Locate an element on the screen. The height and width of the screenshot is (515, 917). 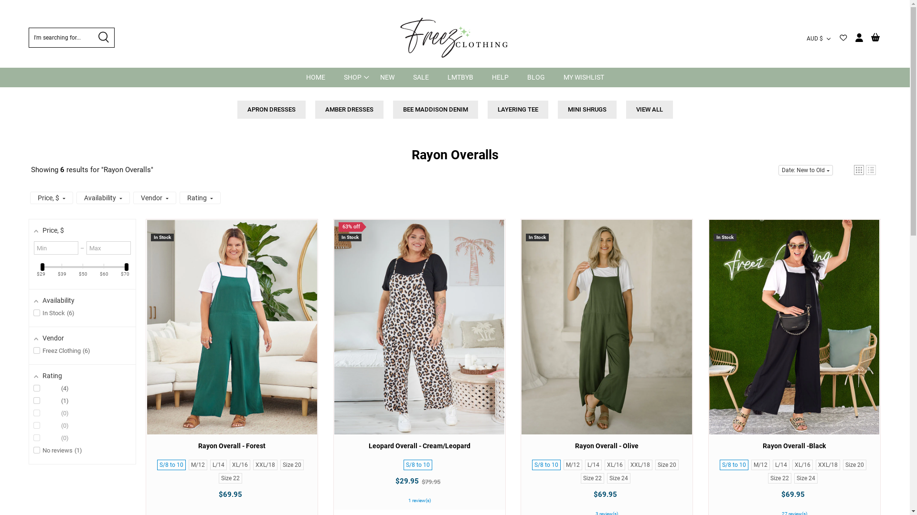
'SHOP' is located at coordinates (352, 77).